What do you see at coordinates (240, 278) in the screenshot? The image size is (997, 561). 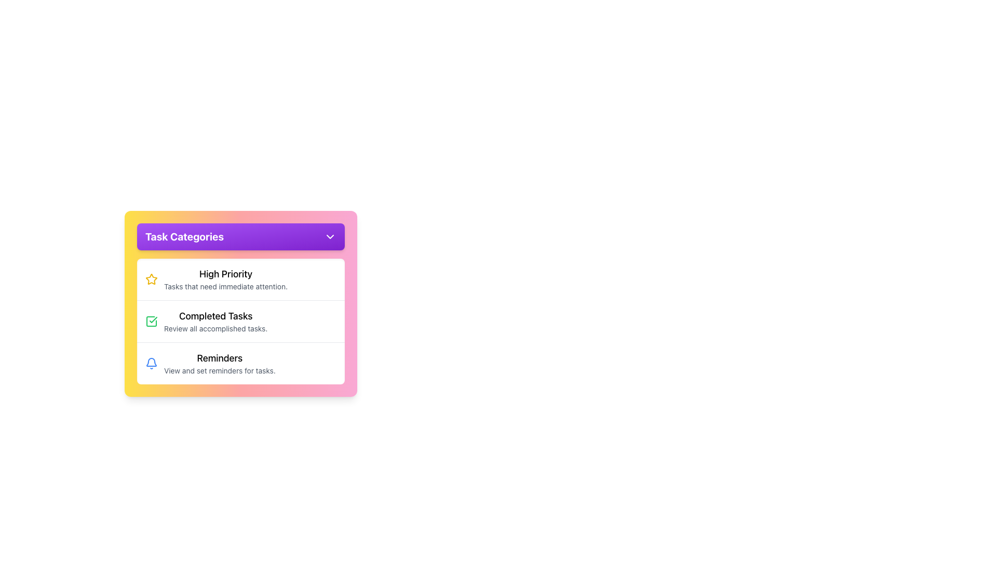 I see `the first list item with an icon and text labels in the 'Task Categories' card` at bounding box center [240, 278].